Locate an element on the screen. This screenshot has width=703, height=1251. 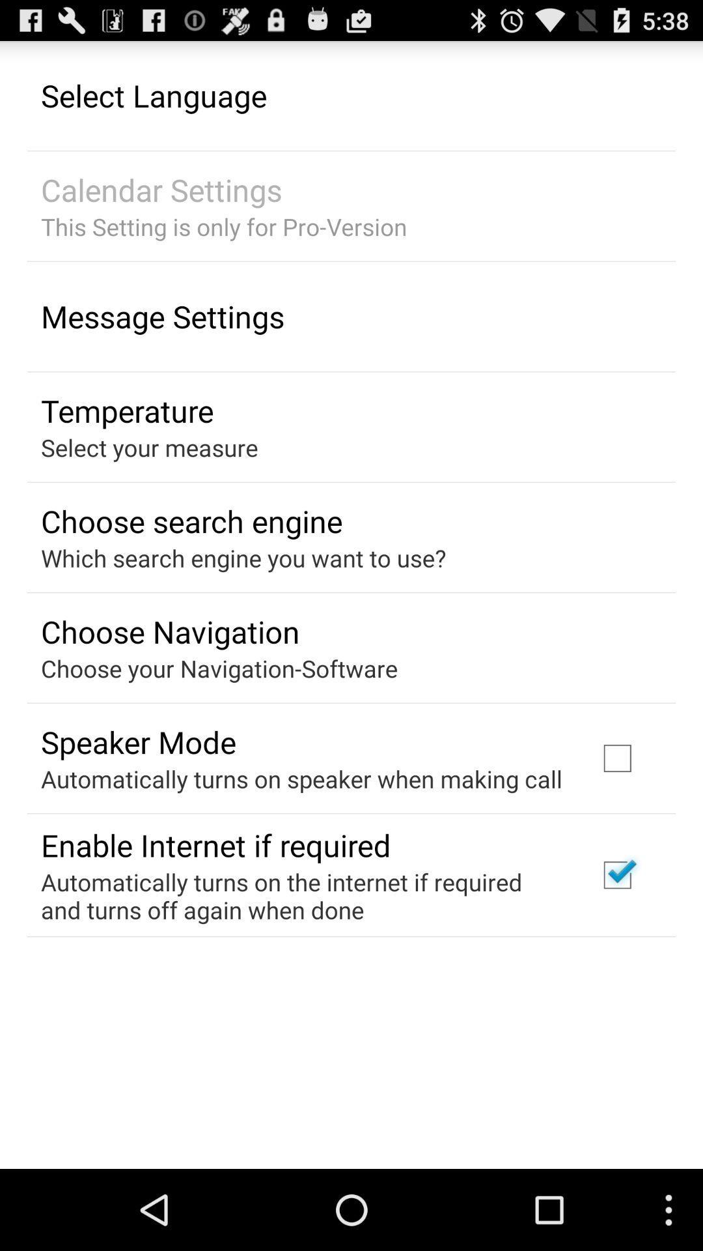
the item above the this setting is icon is located at coordinates (161, 189).